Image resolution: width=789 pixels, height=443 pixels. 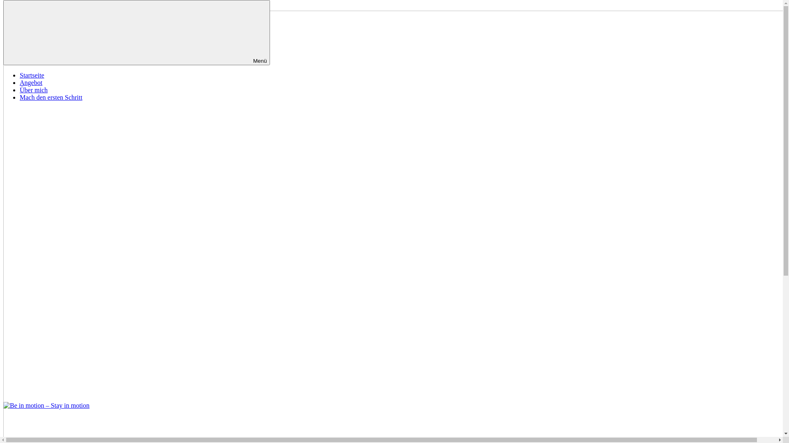 What do you see at coordinates (30, 7) in the screenshot?
I see `'Zum Inhalt springen'` at bounding box center [30, 7].